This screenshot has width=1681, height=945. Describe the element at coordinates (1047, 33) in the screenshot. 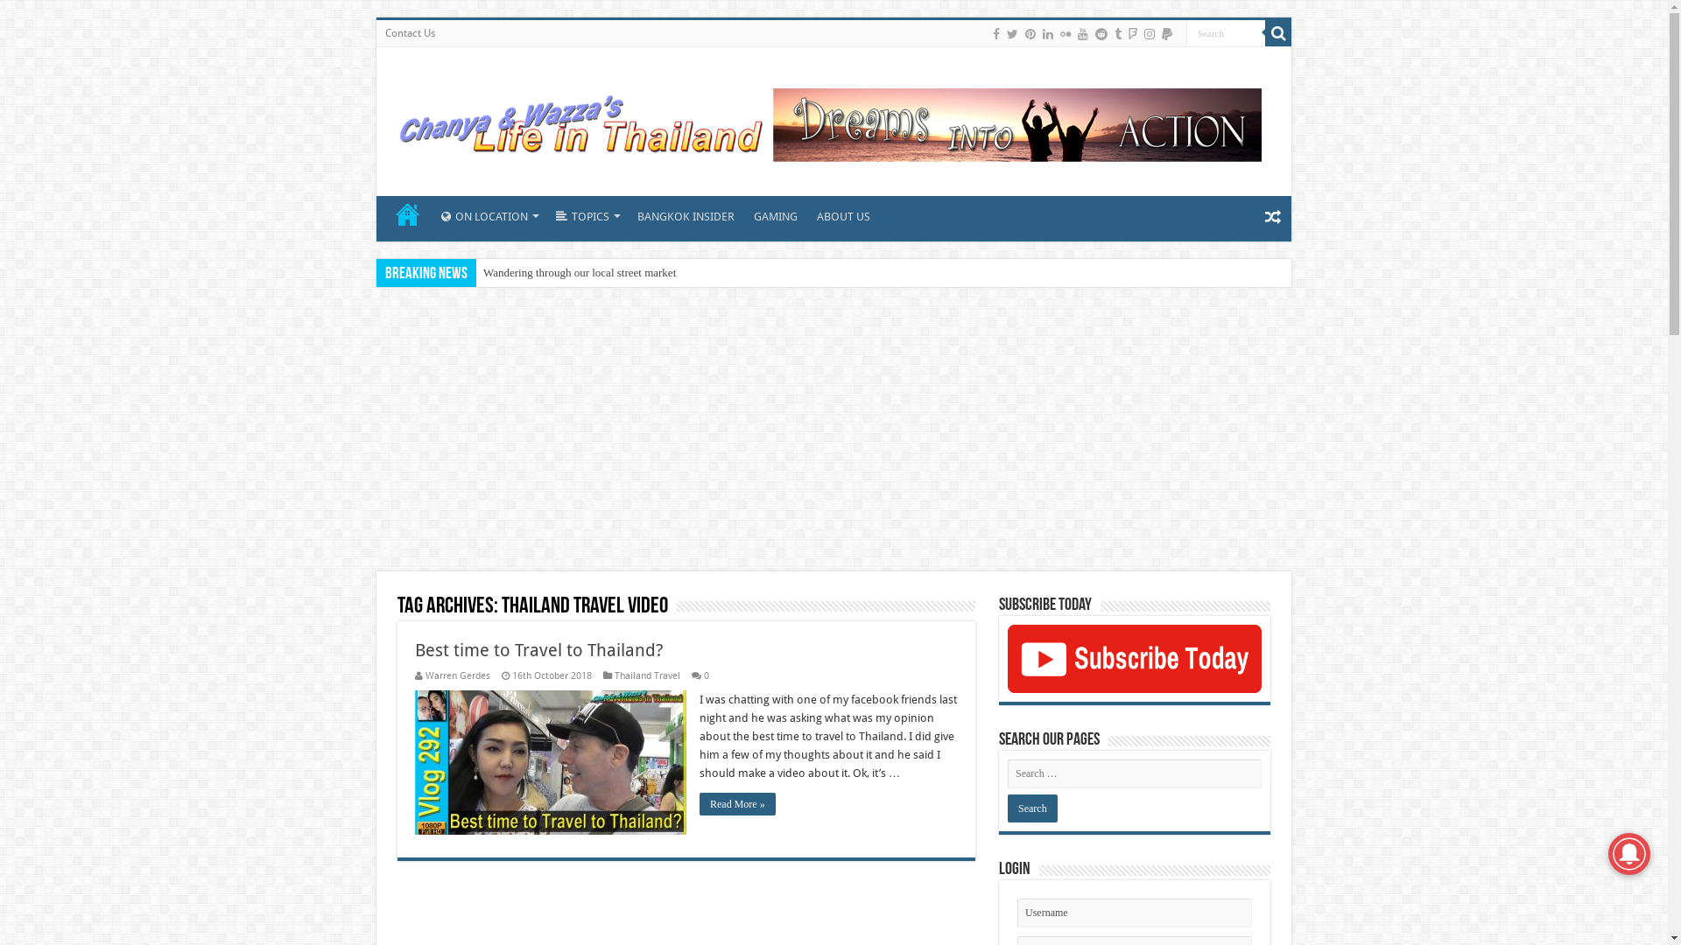

I see `'LinkedIn'` at that location.